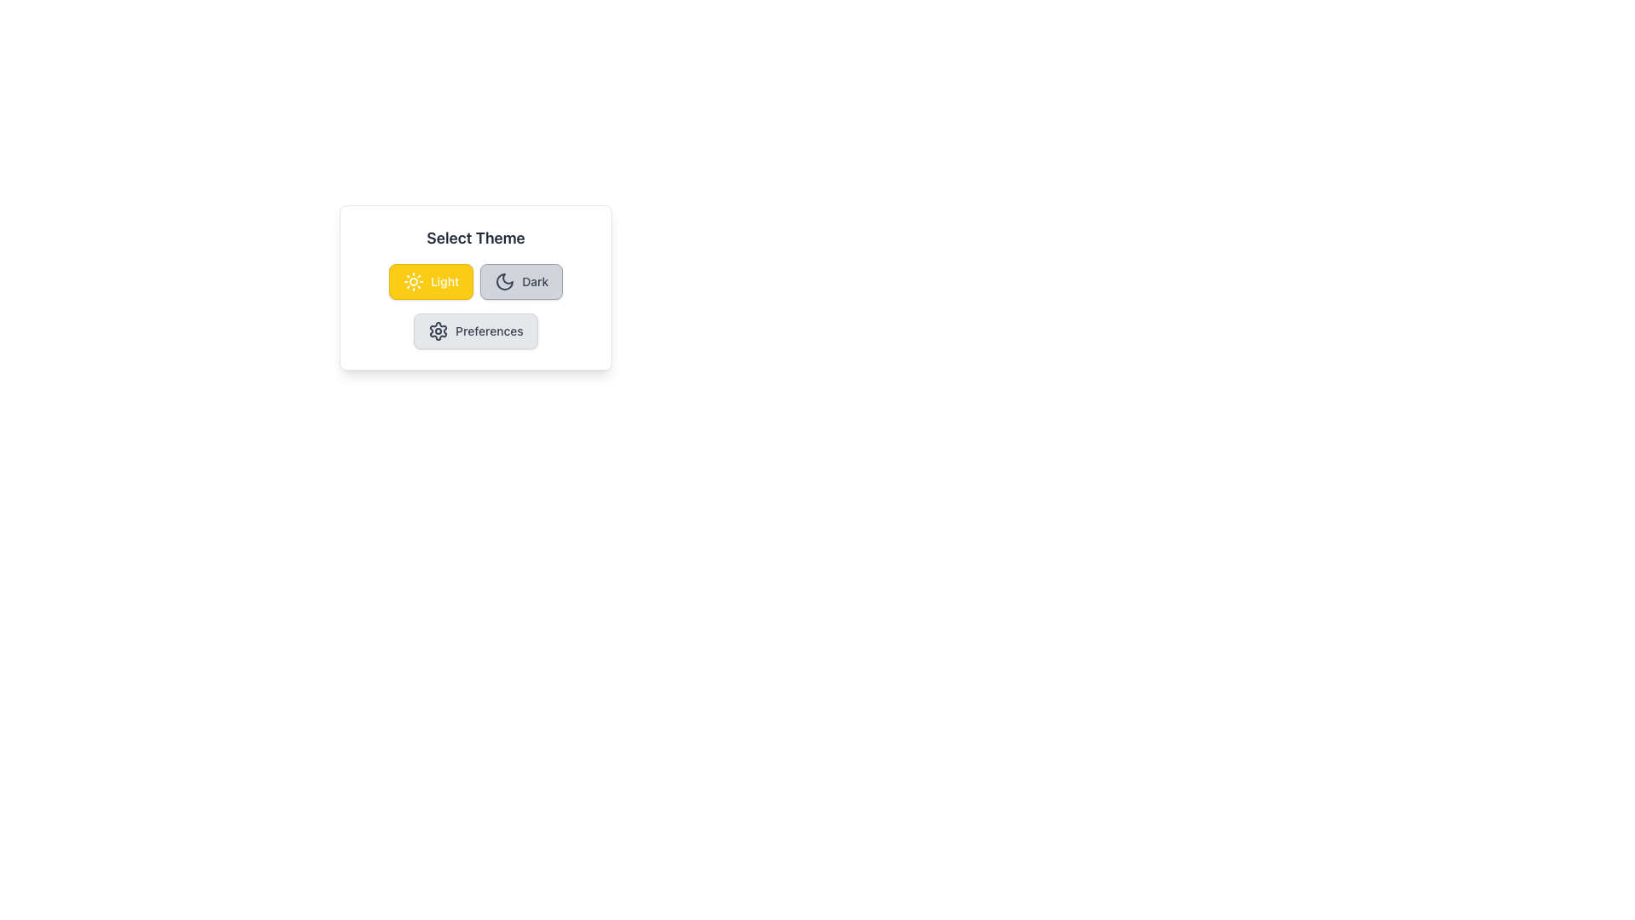 The height and width of the screenshot is (920, 1635). Describe the element at coordinates (438, 331) in the screenshot. I see `the gear-shaped icon element below the 'Select Theme' heading` at that location.